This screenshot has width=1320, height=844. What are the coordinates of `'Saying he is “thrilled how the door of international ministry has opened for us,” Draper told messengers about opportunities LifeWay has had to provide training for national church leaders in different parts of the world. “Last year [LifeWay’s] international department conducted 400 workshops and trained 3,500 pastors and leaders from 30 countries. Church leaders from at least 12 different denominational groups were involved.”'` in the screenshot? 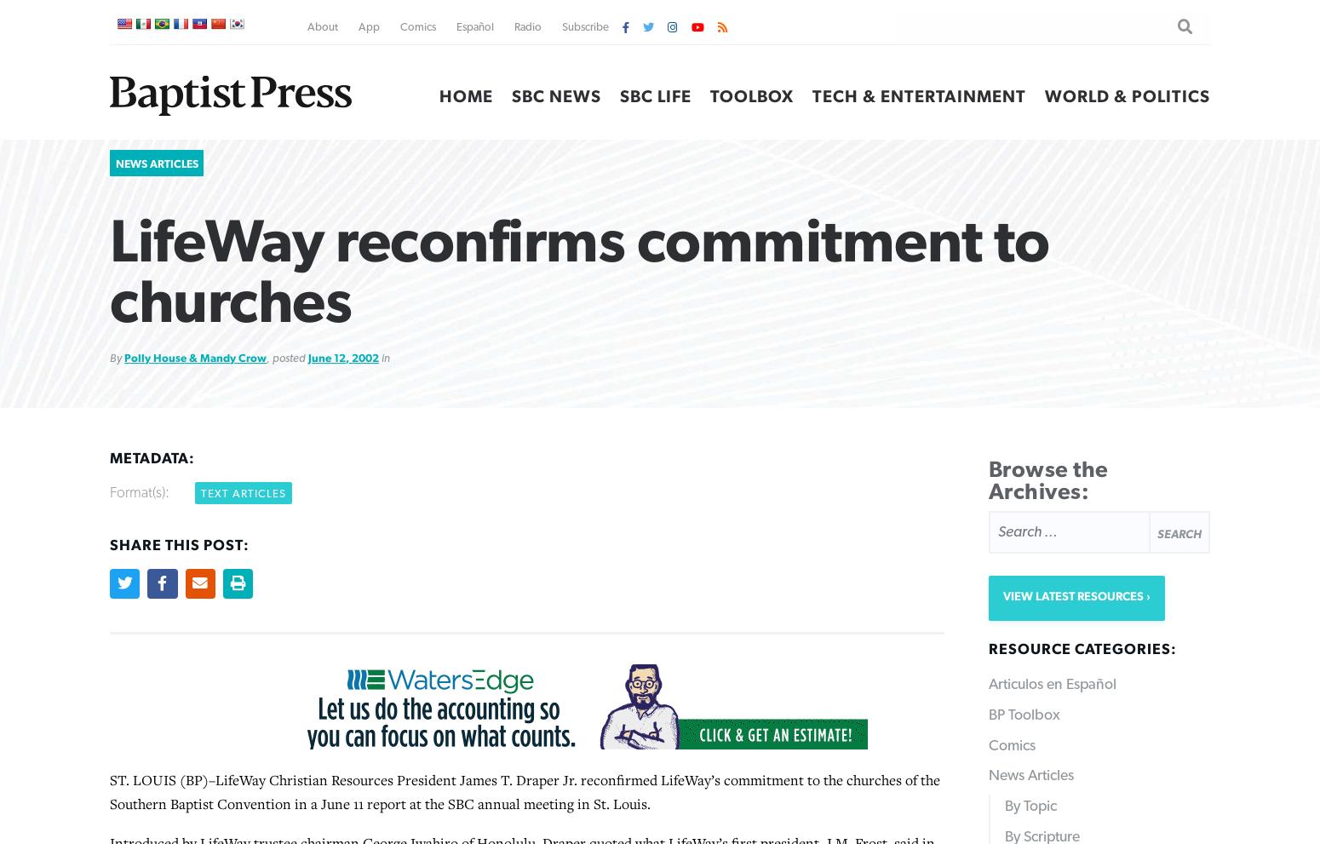 It's located at (109, 314).